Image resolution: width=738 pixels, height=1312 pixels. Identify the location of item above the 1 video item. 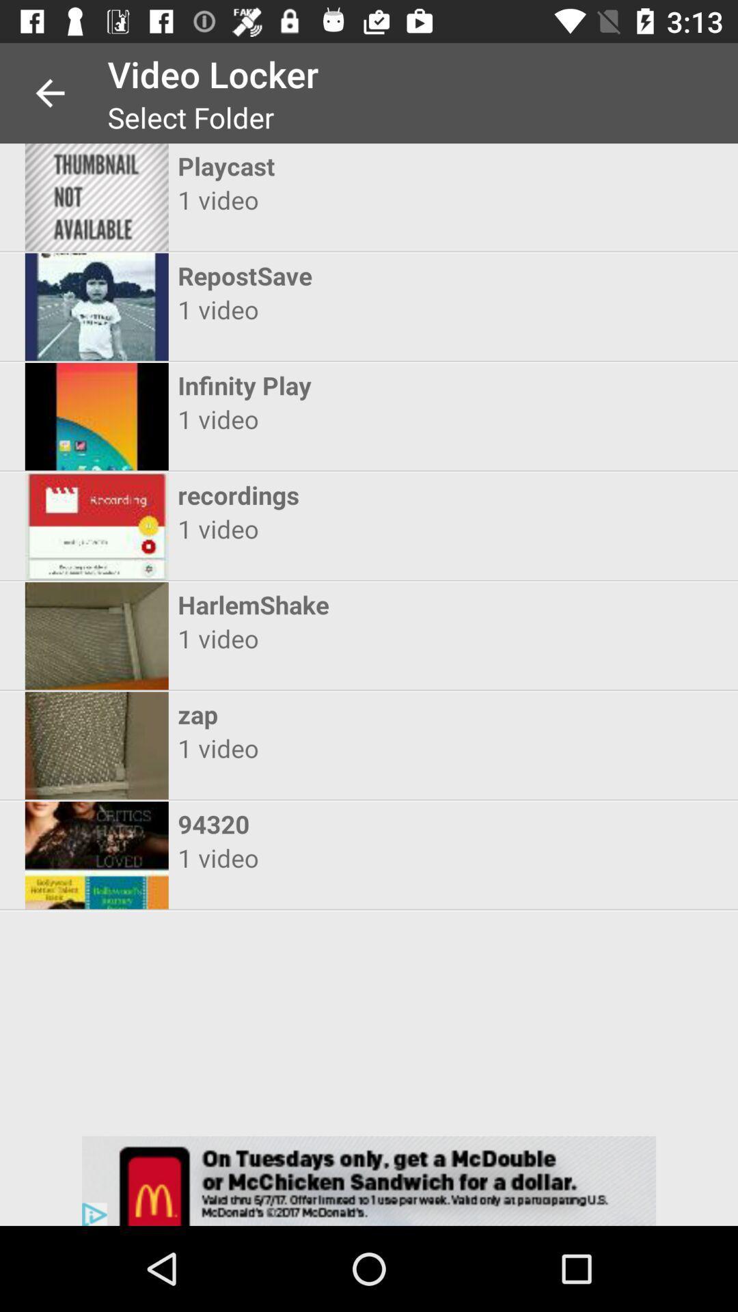
(356, 713).